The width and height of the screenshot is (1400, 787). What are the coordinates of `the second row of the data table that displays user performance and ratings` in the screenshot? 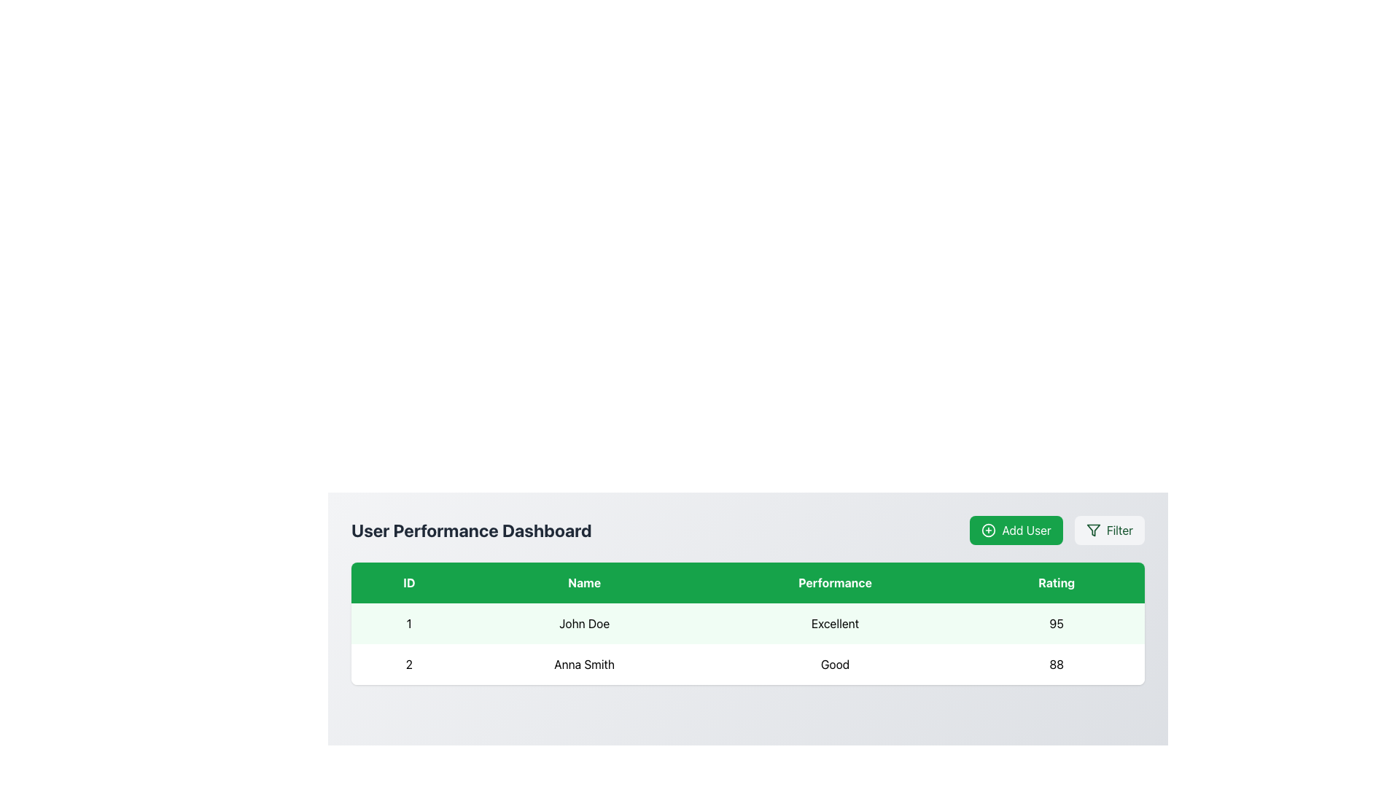 It's located at (748, 664).